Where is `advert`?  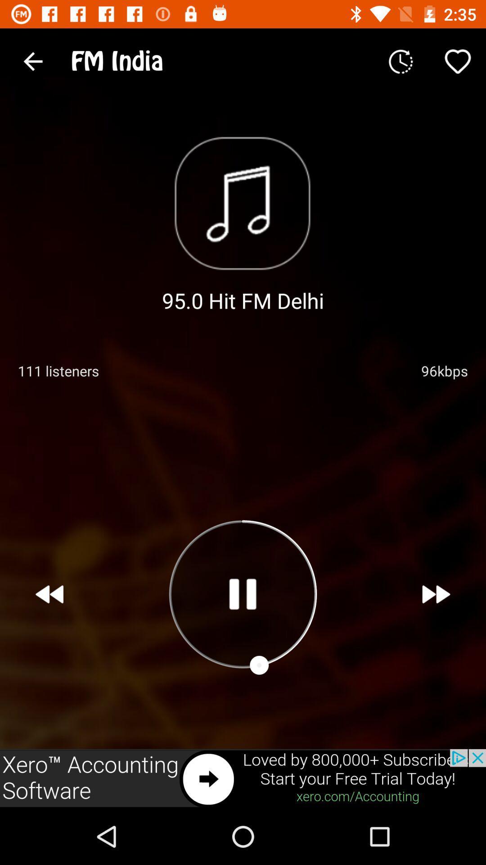 advert is located at coordinates (243, 778).